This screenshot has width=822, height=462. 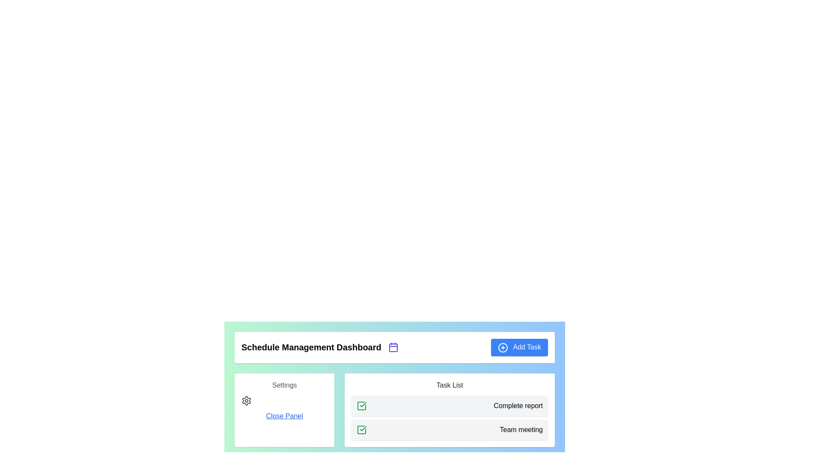 I want to click on the decorative SVG rectangle with rounded corners that forms the main body of the calendar icon, located to the right of the 'Schedule Management Dashboard' text, so click(x=393, y=348).